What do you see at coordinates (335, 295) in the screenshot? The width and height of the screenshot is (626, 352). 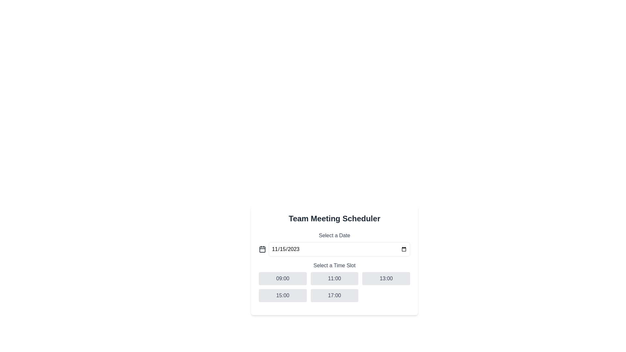 I see `the button displaying '17:00' in the time selection interface` at bounding box center [335, 295].